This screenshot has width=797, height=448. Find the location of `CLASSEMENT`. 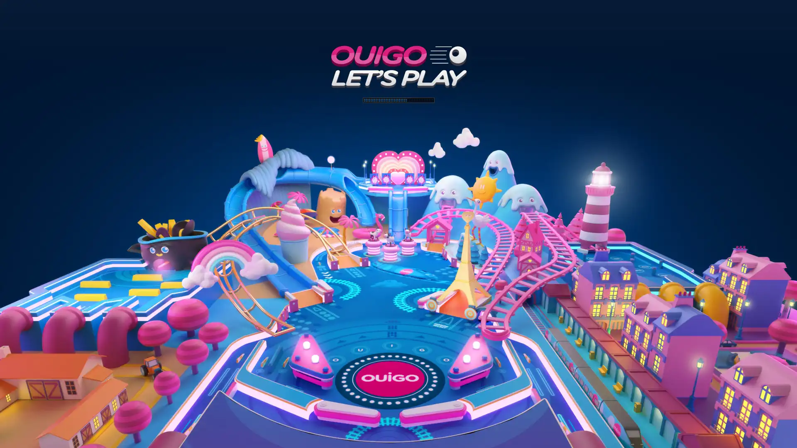

CLASSEMENT is located at coordinates (398, 436).